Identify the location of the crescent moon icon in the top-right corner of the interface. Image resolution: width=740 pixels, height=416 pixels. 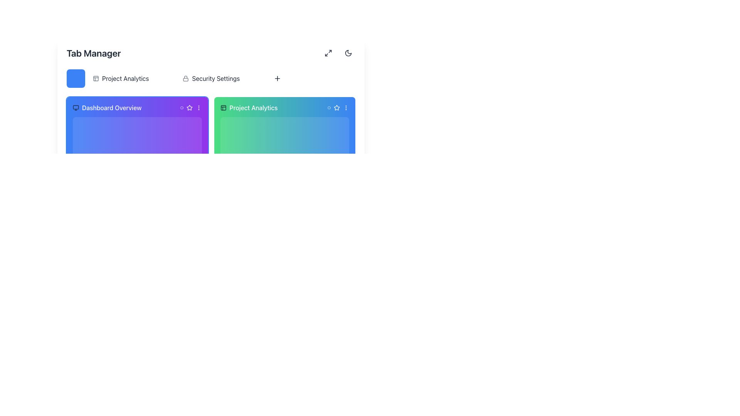
(348, 53).